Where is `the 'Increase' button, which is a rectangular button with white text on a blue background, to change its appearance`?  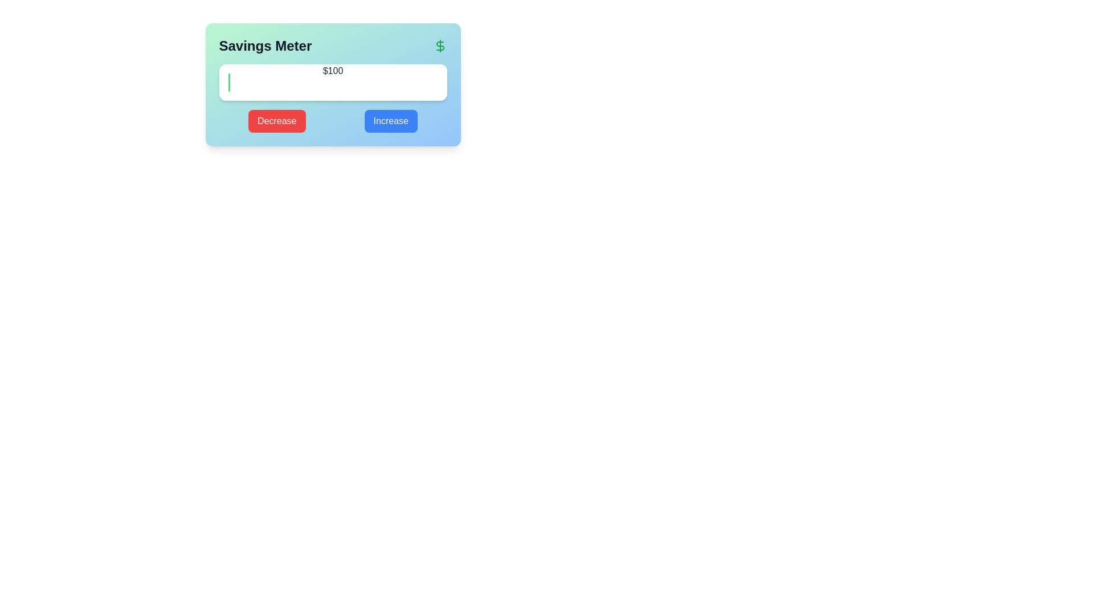
the 'Increase' button, which is a rectangular button with white text on a blue background, to change its appearance is located at coordinates (391, 121).